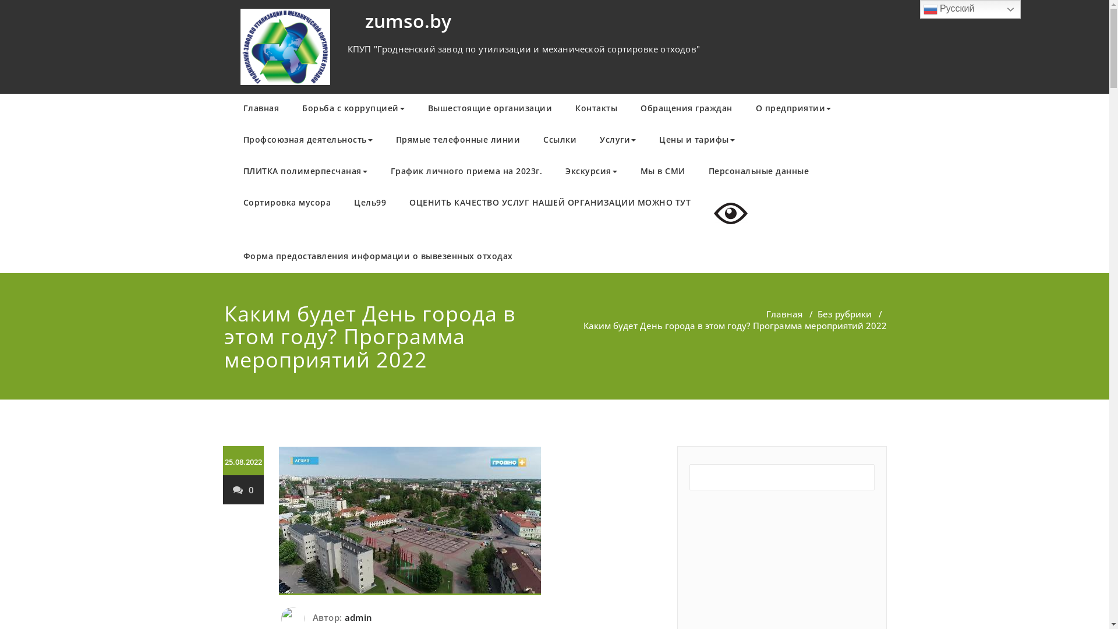 The height and width of the screenshot is (629, 1118). Describe the element at coordinates (242, 489) in the screenshot. I see `'0'` at that location.